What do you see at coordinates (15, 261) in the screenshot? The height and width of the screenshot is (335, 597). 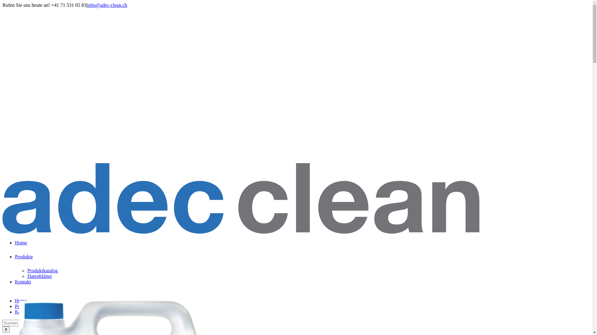 I see `'Produkte'` at bounding box center [15, 261].